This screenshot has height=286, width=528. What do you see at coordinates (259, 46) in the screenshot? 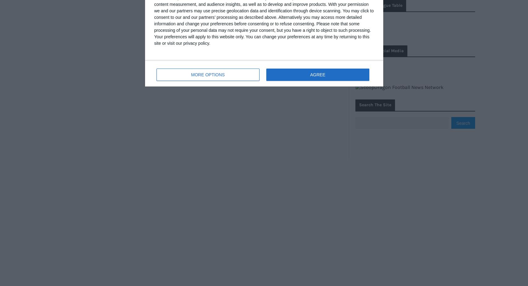
I see `'At the moment when ten years of frustration and anguish were extinguished, Guardiola did not wear an expression of triumph …'` at bounding box center [259, 46].